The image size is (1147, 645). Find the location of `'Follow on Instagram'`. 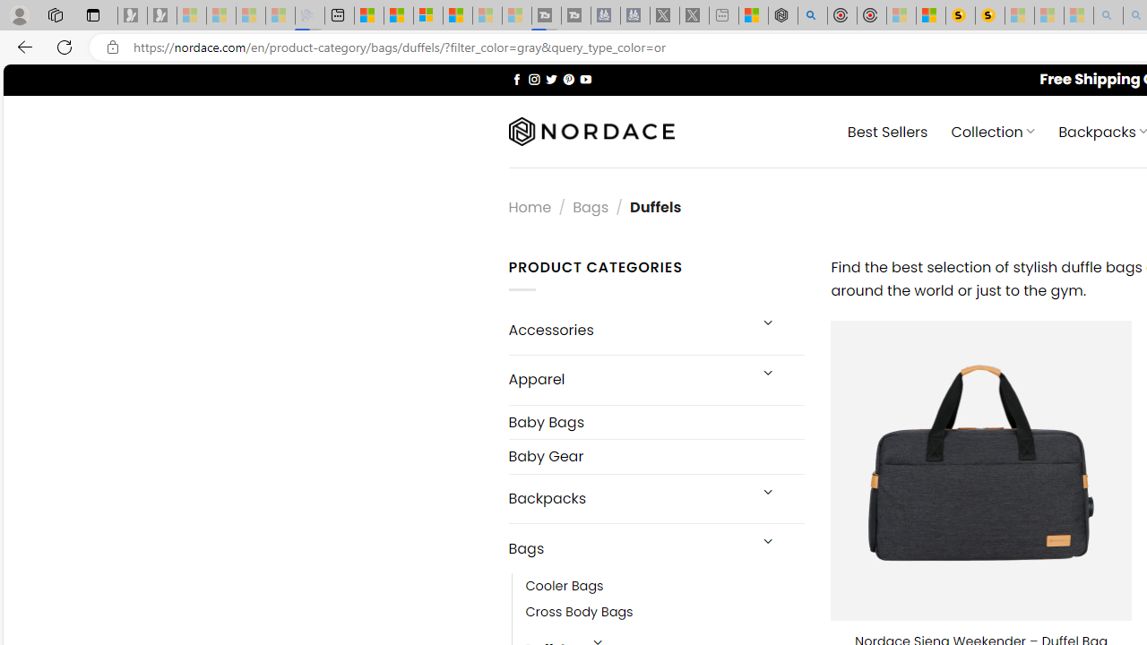

'Follow on Instagram' is located at coordinates (533, 78).